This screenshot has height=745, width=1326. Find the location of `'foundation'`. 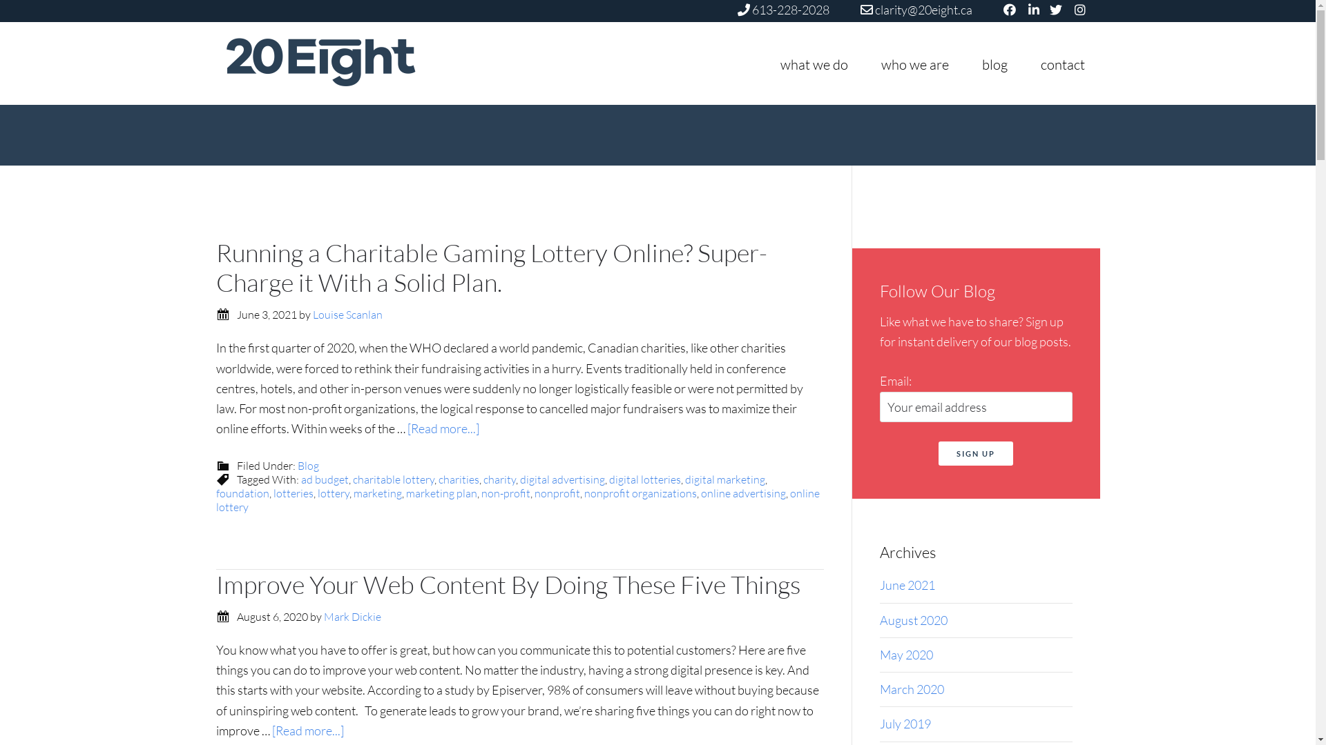

'foundation' is located at coordinates (215, 492).